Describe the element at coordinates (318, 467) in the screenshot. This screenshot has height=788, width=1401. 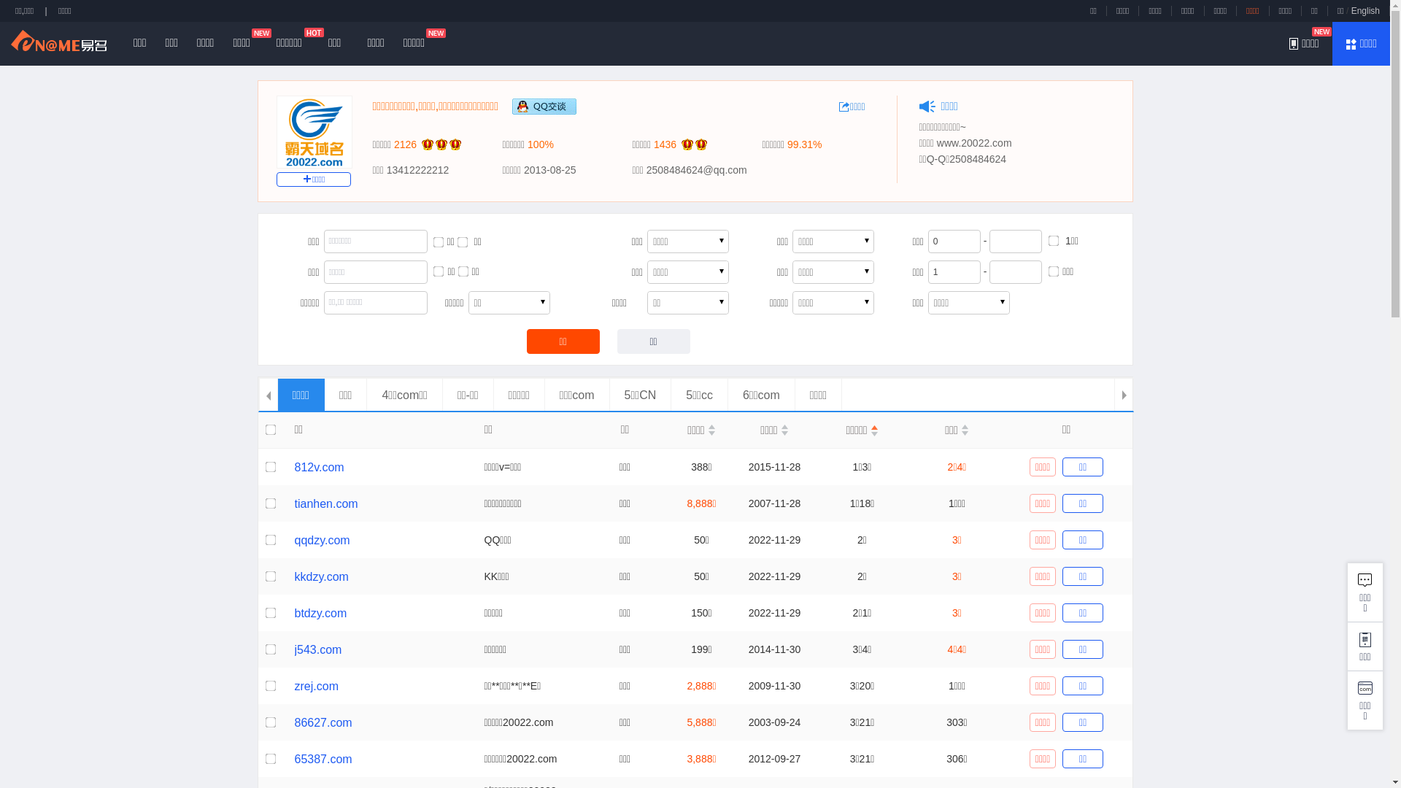
I see `'812v.com'` at that location.